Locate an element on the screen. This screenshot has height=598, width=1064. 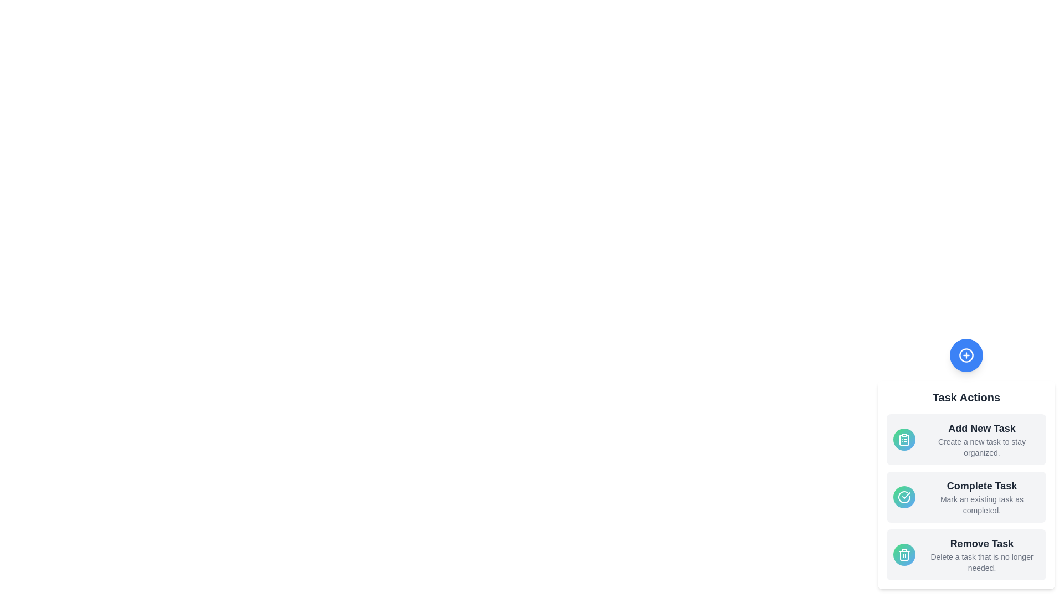
the 'Add New Task' option is located at coordinates (965, 439).